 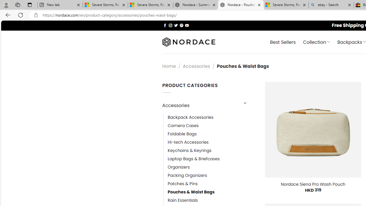 What do you see at coordinates (182, 184) in the screenshot?
I see `'Patches & Pins'` at bounding box center [182, 184].